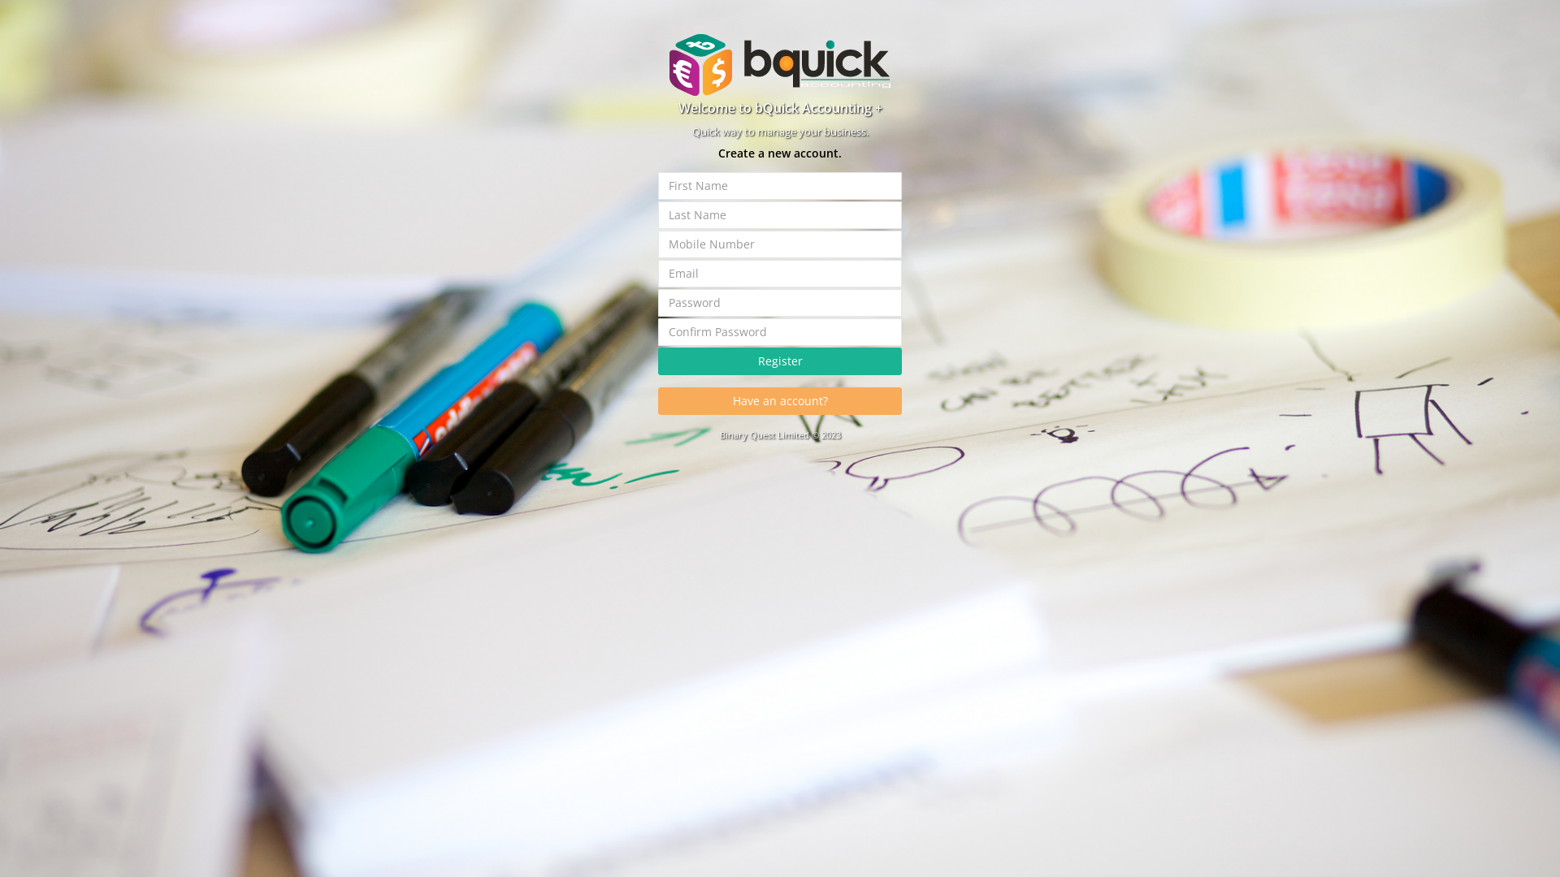 This screenshot has width=1560, height=877. I want to click on 'Register', so click(780, 360).